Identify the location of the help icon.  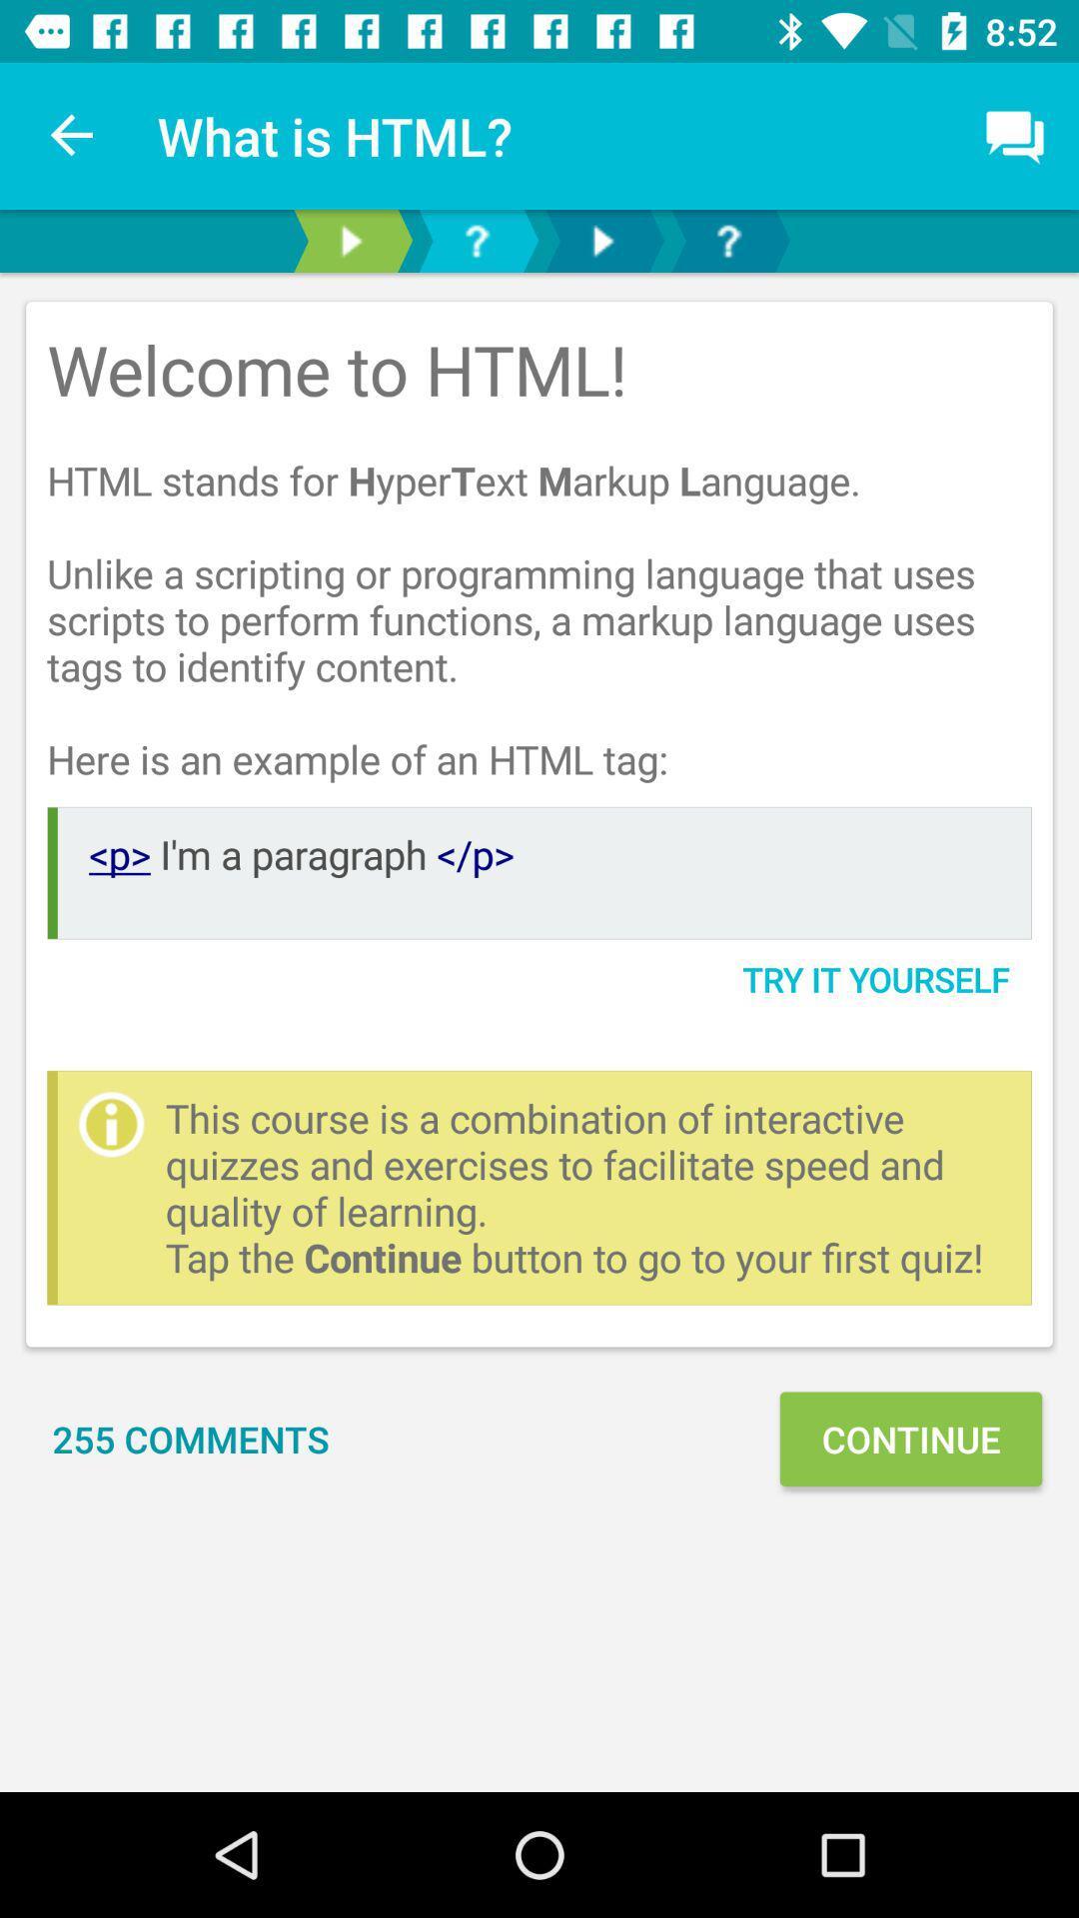
(728, 240).